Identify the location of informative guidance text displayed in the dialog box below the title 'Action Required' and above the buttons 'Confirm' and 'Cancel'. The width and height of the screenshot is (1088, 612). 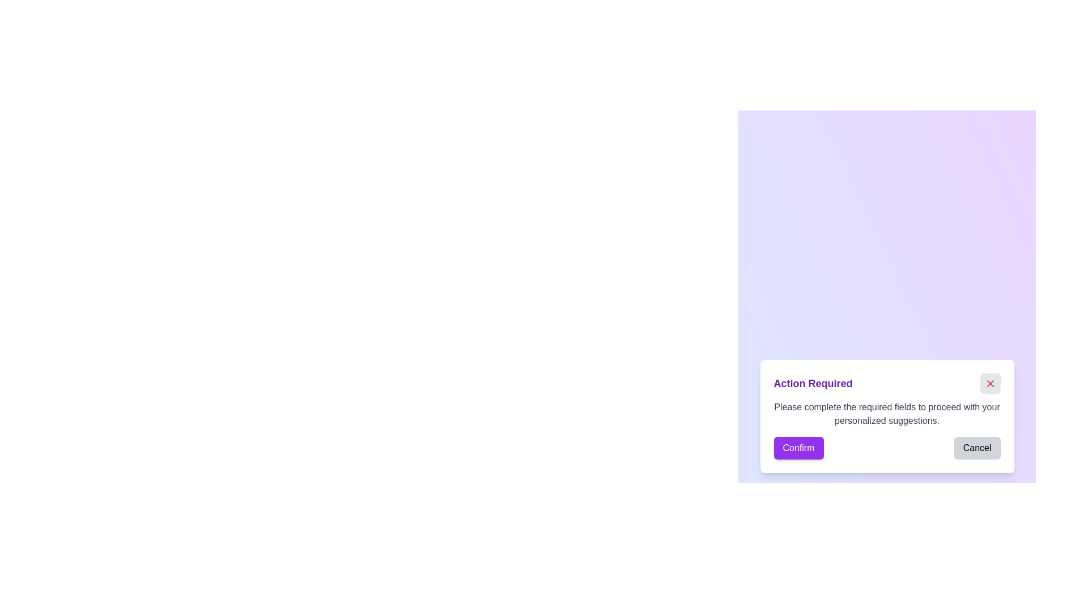
(886, 414).